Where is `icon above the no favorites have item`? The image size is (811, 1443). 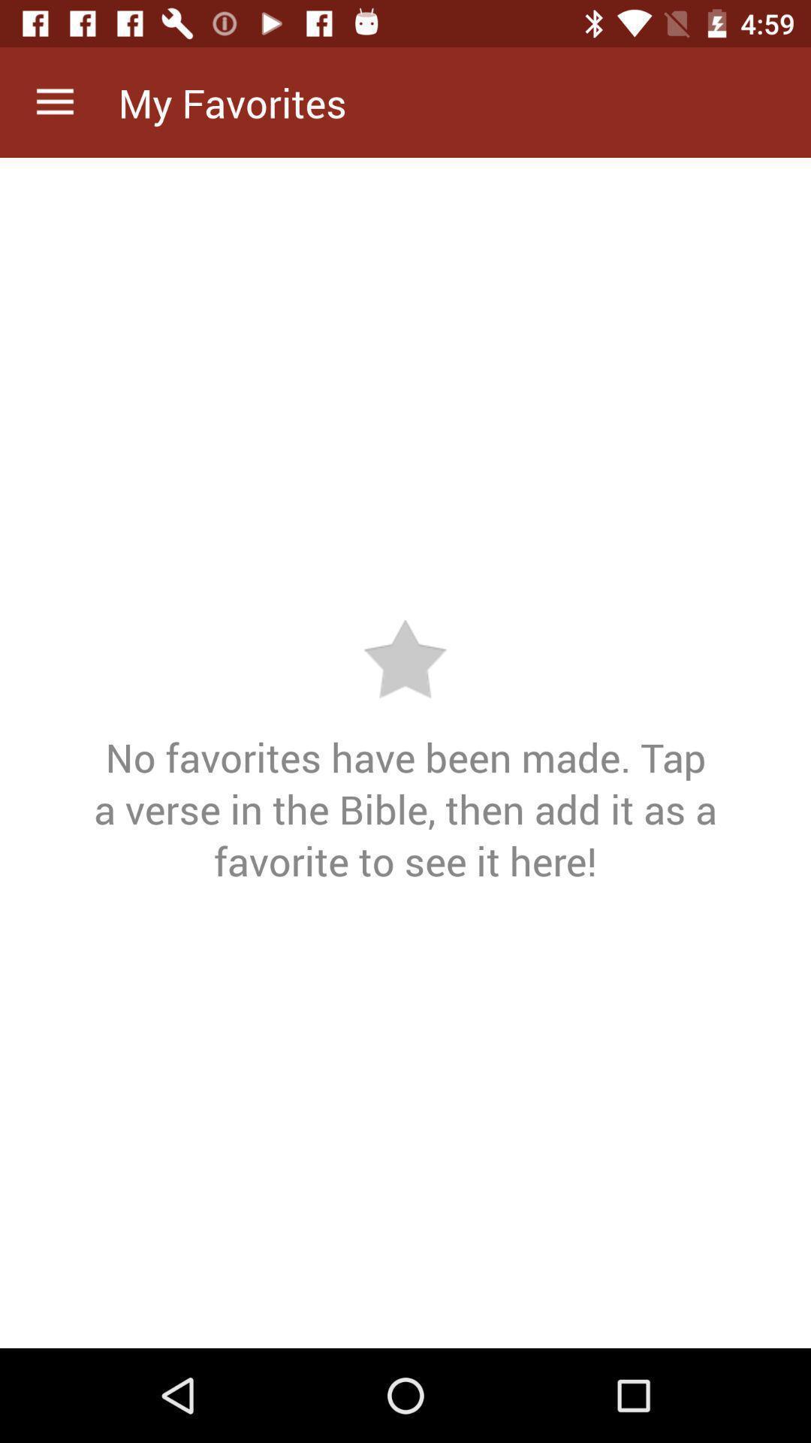 icon above the no favorites have item is located at coordinates (54, 101).